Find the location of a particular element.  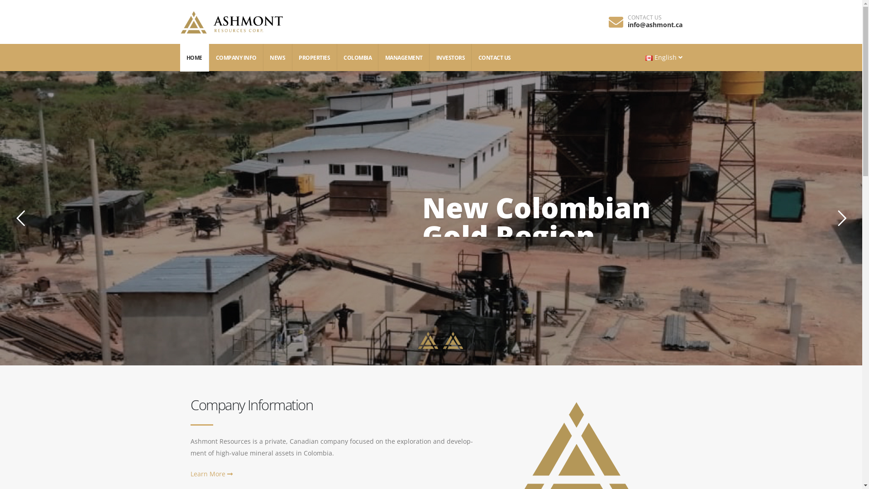

'NEWS' is located at coordinates (277, 58).